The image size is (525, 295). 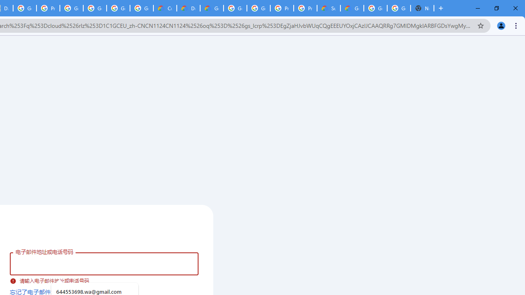 What do you see at coordinates (352, 8) in the screenshot?
I see `'Google Cloud Service Health'` at bounding box center [352, 8].